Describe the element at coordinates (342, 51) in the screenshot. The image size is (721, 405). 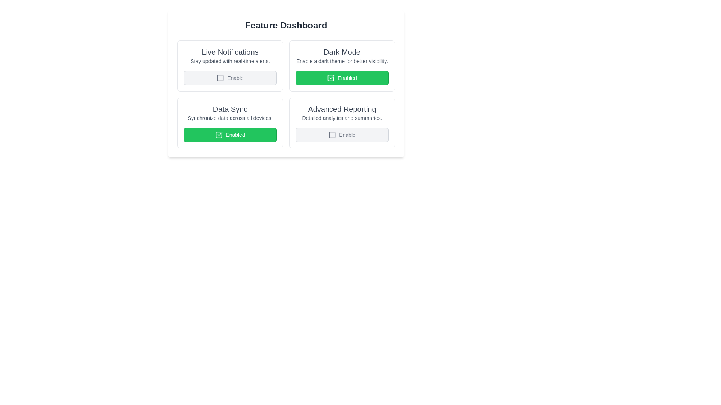
I see `the 'Dark Mode' text label, which is displayed in a bold, larger font above its descriptive text within the card-like layout in the Feature Dashboard section` at that location.